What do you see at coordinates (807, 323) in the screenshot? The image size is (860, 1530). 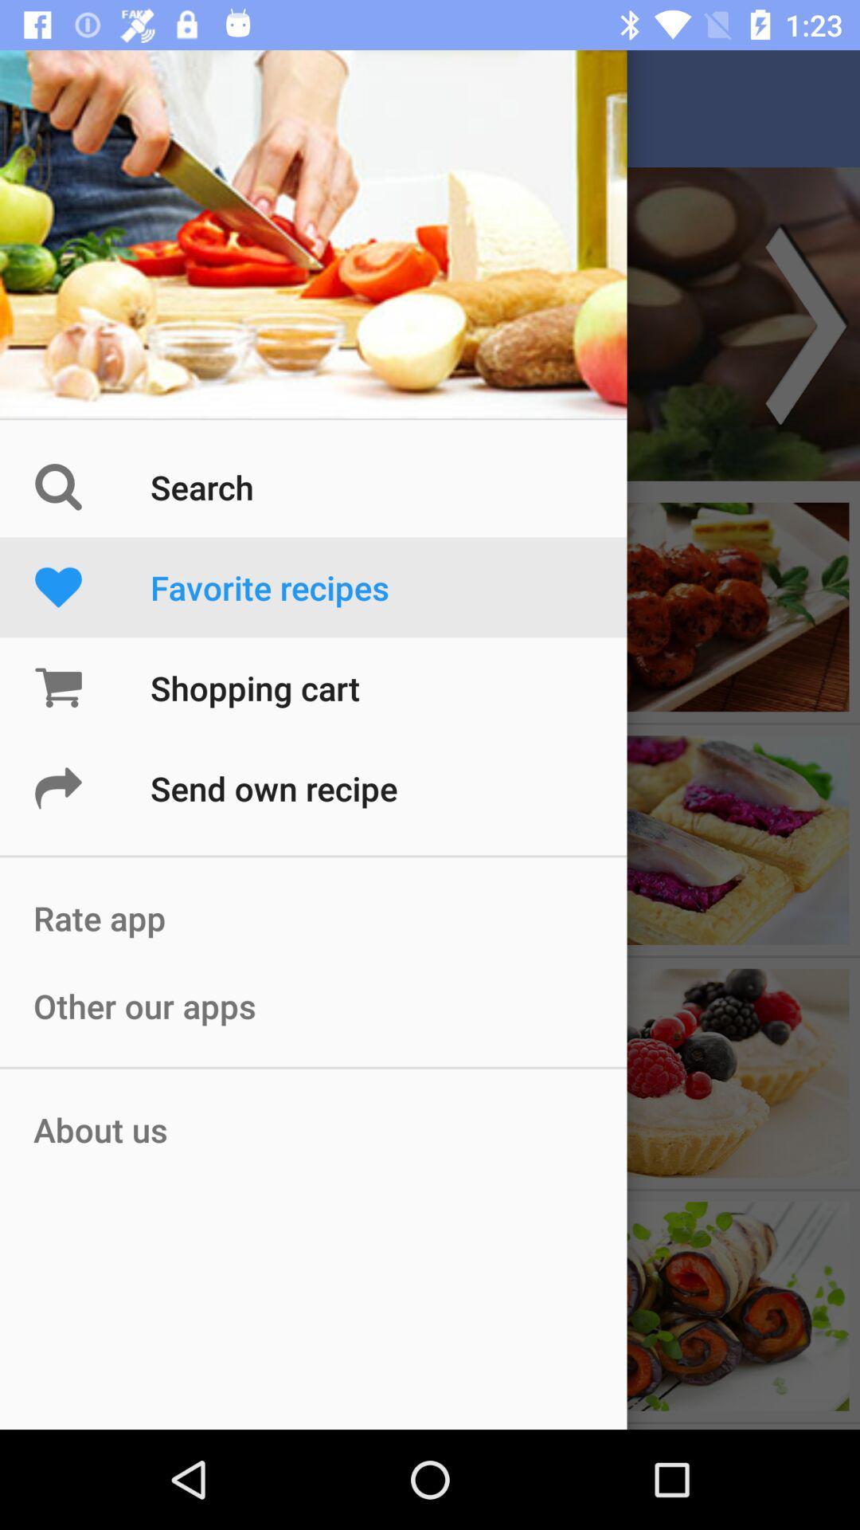 I see `the arrow_forward icon` at bounding box center [807, 323].